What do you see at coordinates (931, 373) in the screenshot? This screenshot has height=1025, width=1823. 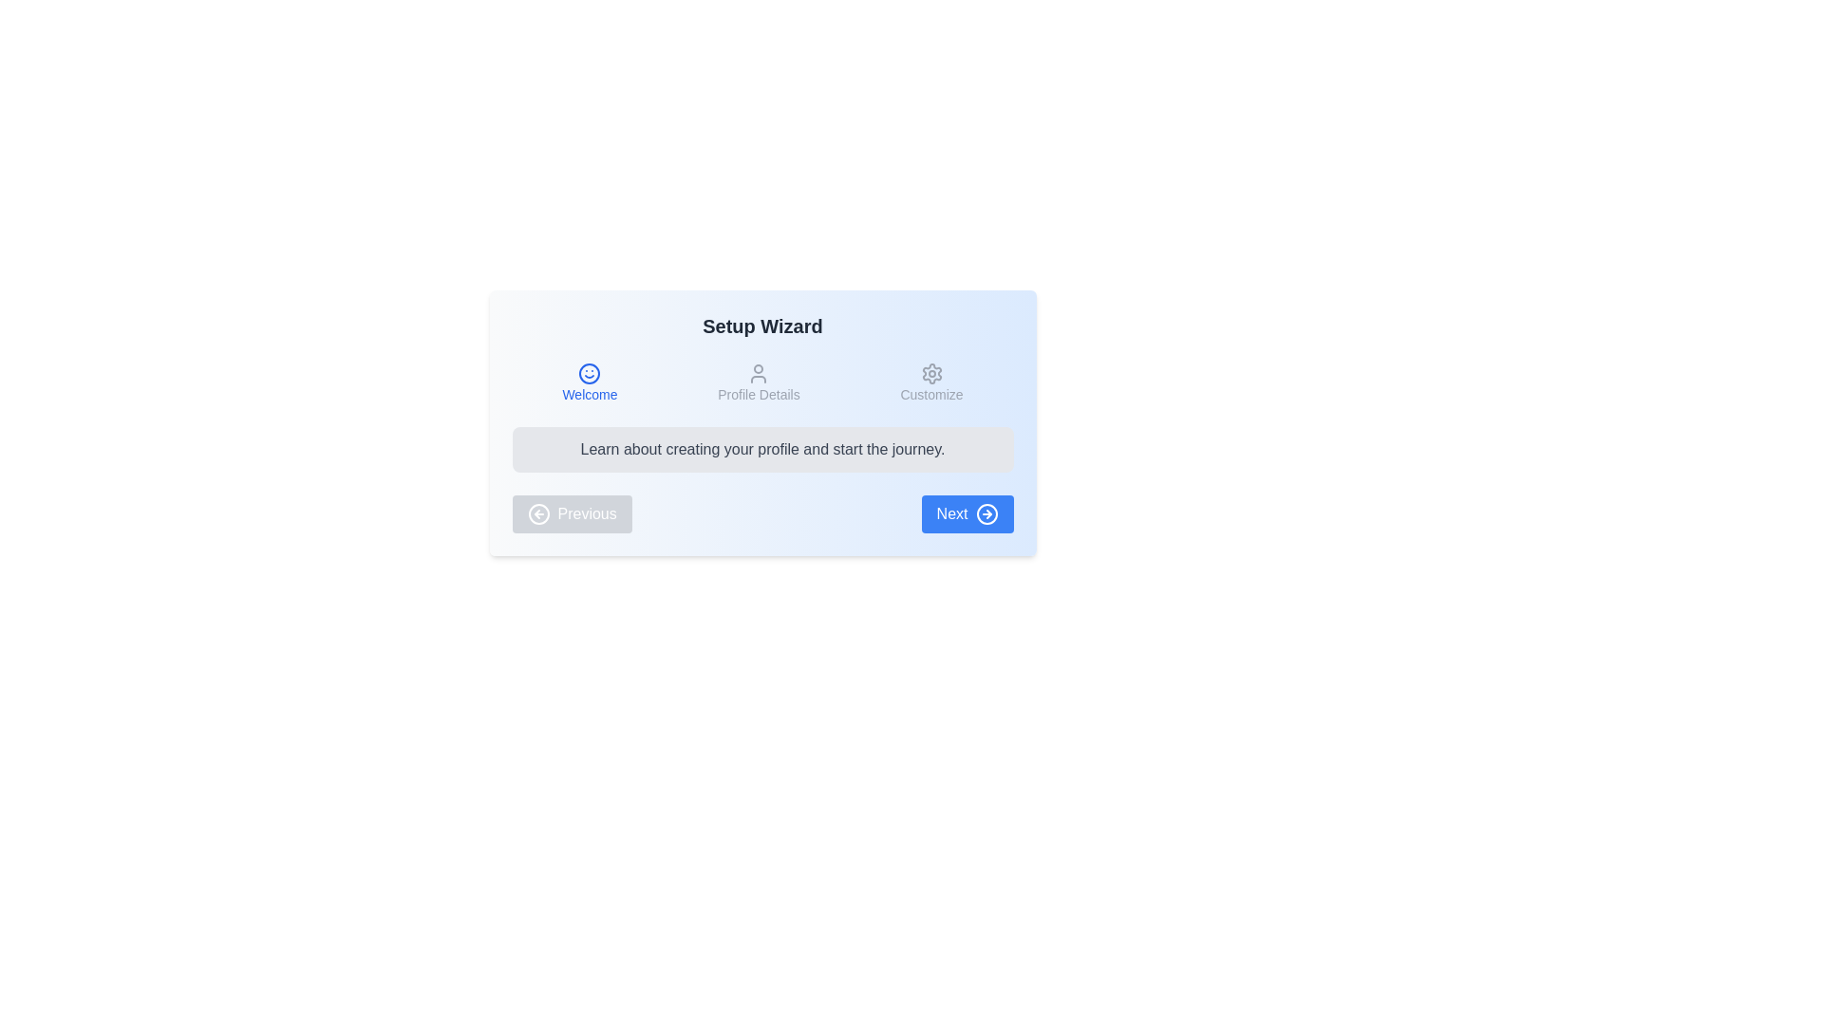 I see `the gear icon representing settings within the 'Customize' step of the navigation bar for additional context menu options` at bounding box center [931, 373].